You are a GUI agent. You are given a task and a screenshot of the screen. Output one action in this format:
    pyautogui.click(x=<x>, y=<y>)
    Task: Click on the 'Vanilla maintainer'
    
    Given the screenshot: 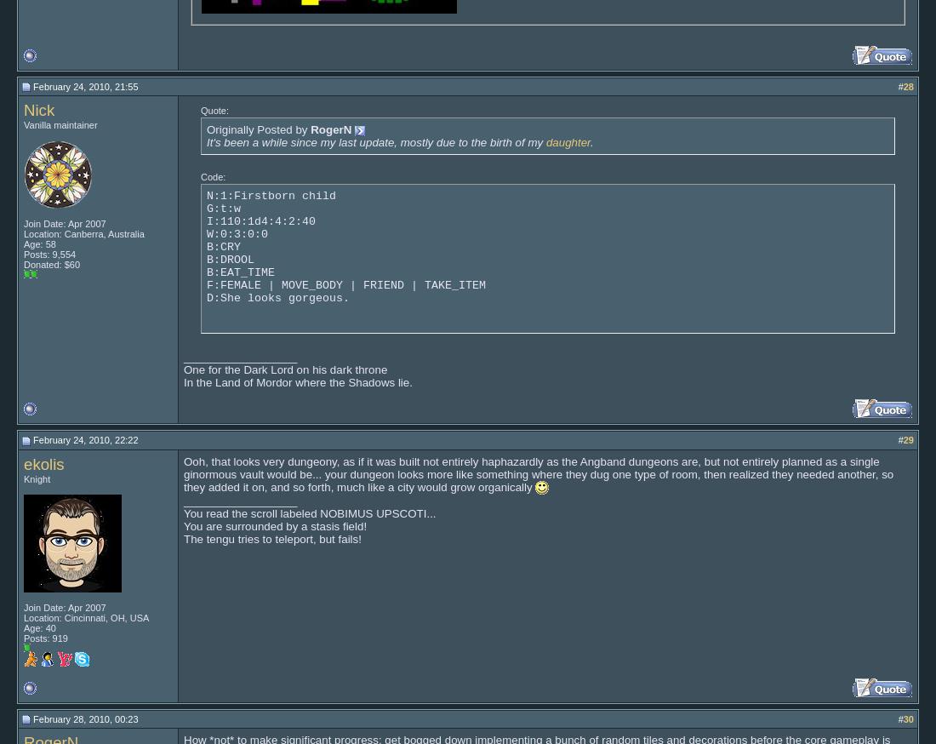 What is the action you would take?
    pyautogui.click(x=60, y=124)
    